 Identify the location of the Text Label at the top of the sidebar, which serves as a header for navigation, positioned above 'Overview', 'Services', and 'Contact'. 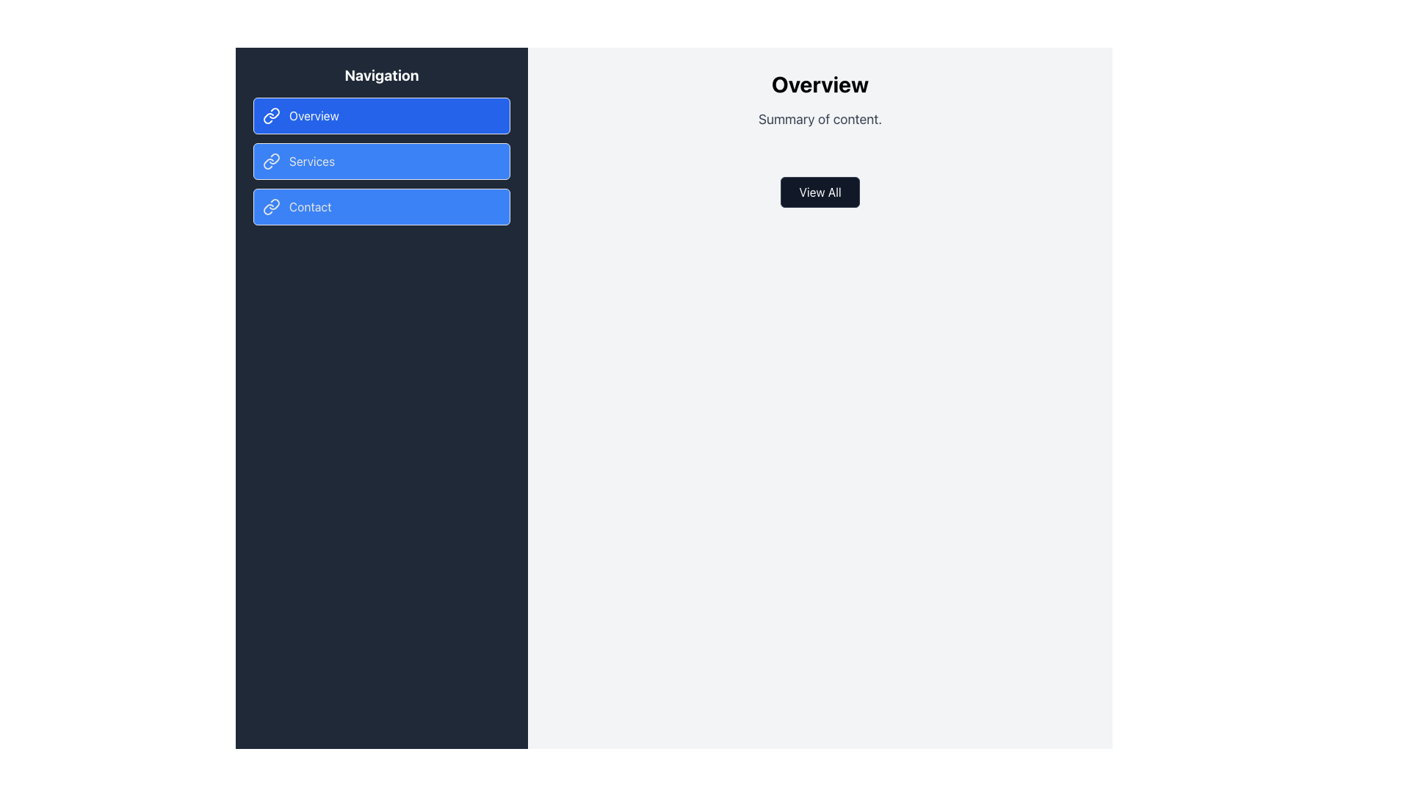
(381, 76).